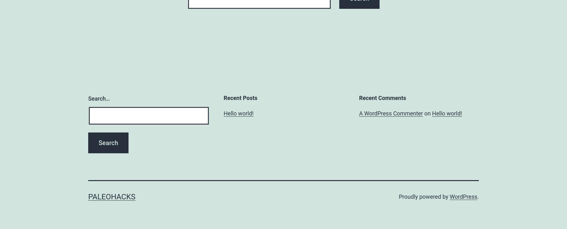 The width and height of the screenshot is (567, 229). I want to click on 'WordPress', so click(449, 196).